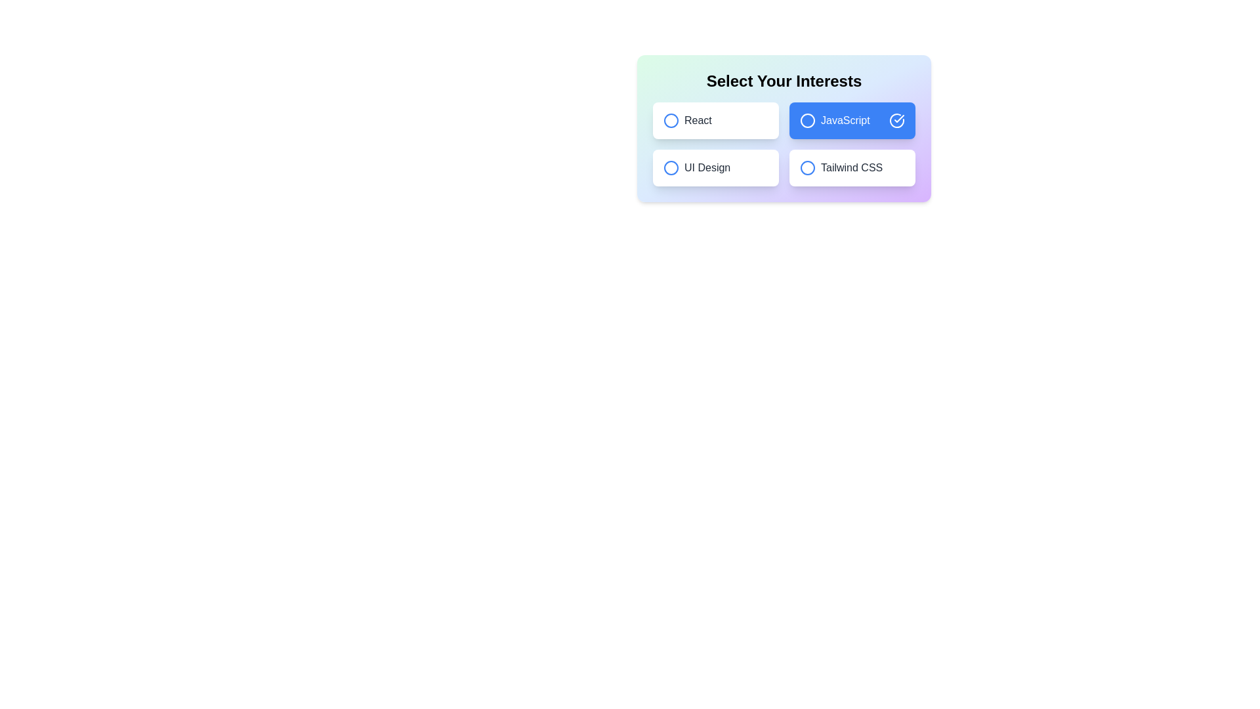  Describe the element at coordinates (715, 167) in the screenshot. I see `the chip labeled UI Design` at that location.